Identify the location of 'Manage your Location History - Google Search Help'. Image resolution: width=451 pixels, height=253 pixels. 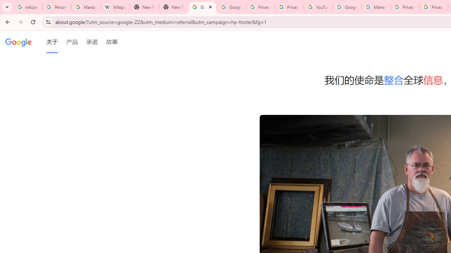
(86, 7).